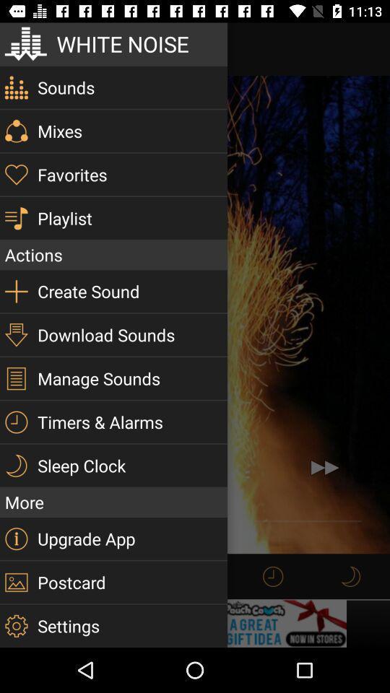 This screenshot has width=390, height=693. I want to click on the fast forward, so click(324, 467).